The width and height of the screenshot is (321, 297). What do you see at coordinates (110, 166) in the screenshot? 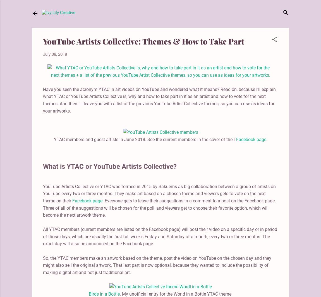
I see `'What is YTAC or YouTube Artists Collective?'` at bounding box center [110, 166].